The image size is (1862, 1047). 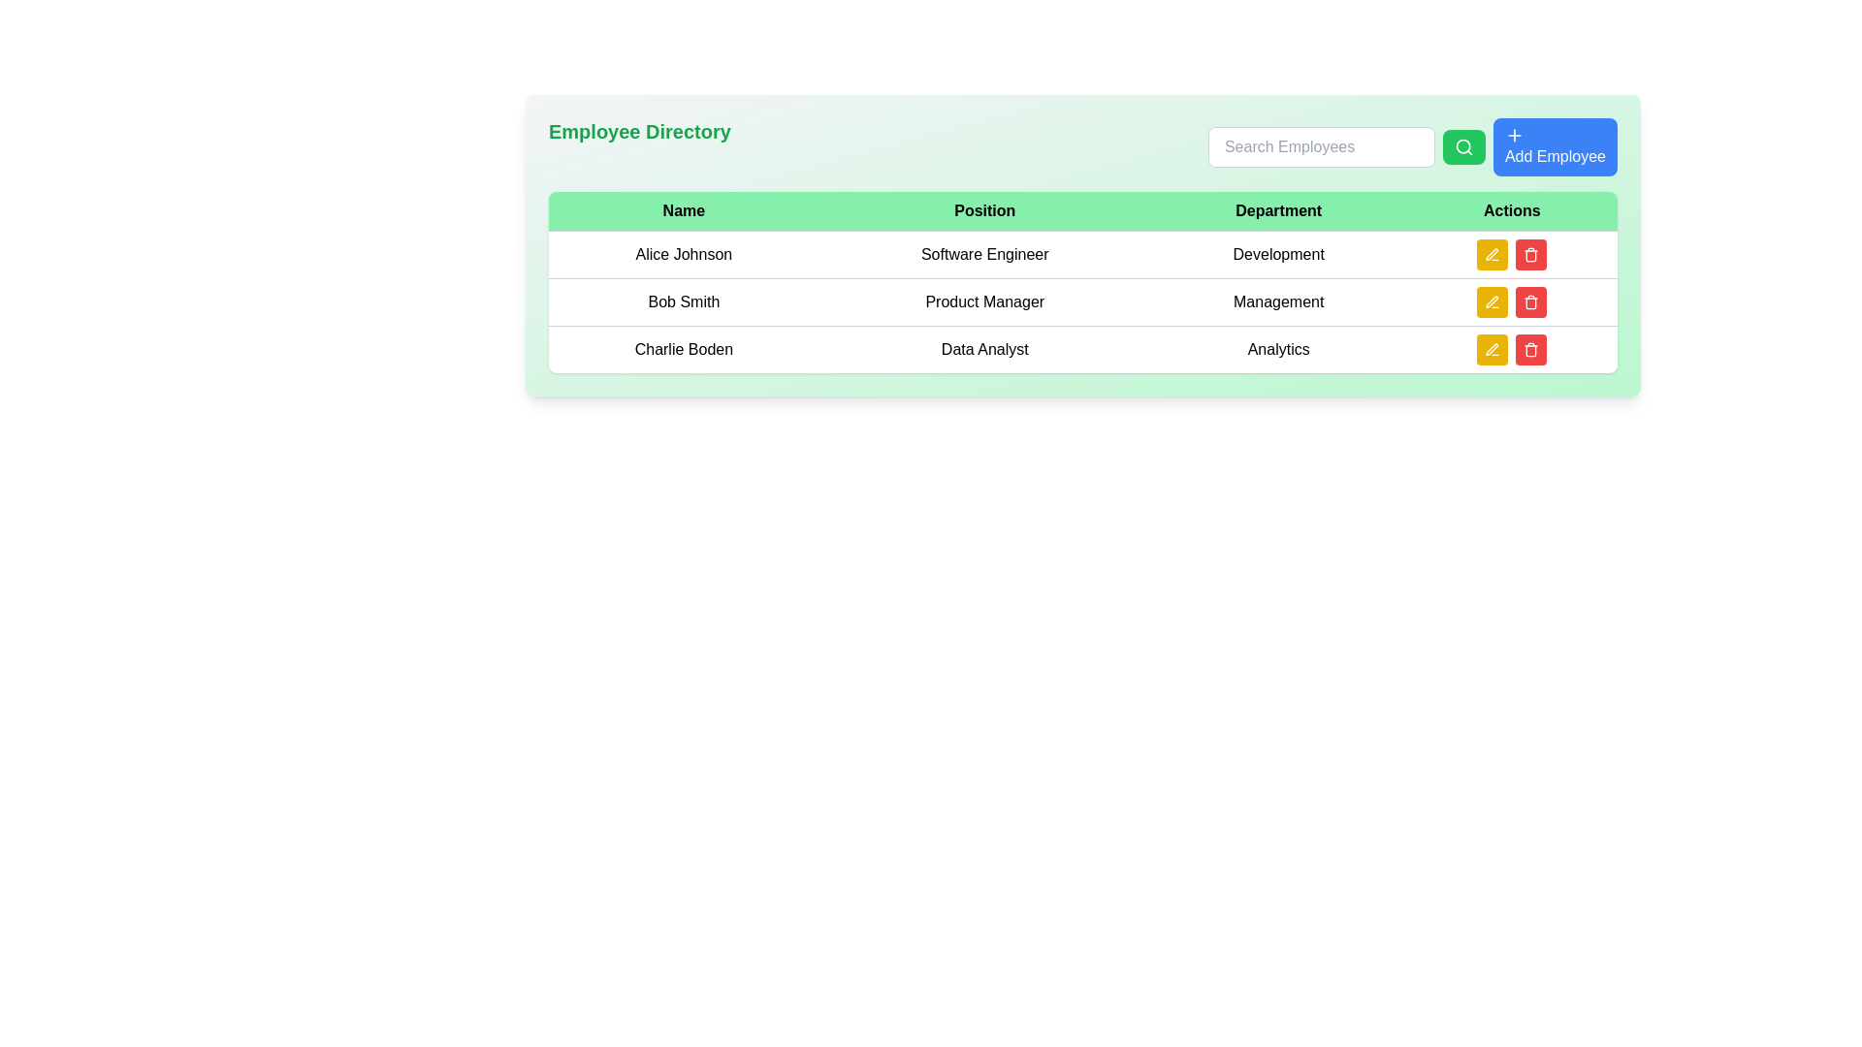 I want to click on the delete button located in the 'Actions' column of the second row of the table, so click(x=1530, y=302).